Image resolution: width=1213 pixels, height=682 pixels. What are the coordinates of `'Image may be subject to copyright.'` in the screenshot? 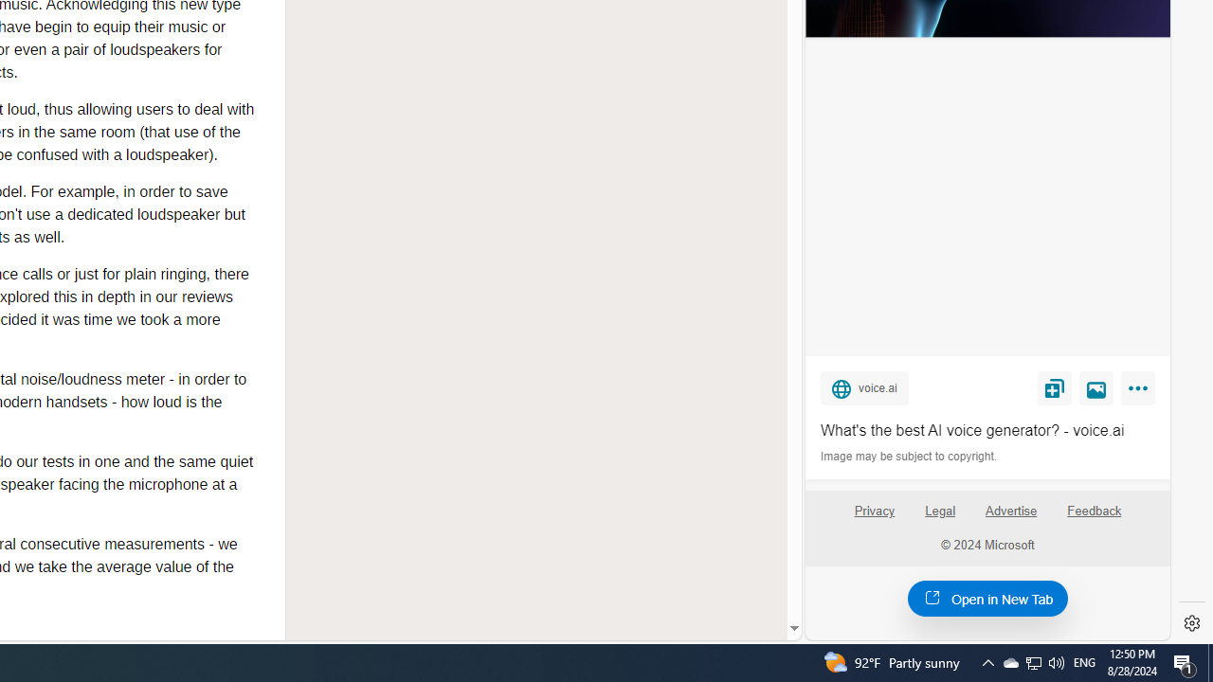 It's located at (910, 457).